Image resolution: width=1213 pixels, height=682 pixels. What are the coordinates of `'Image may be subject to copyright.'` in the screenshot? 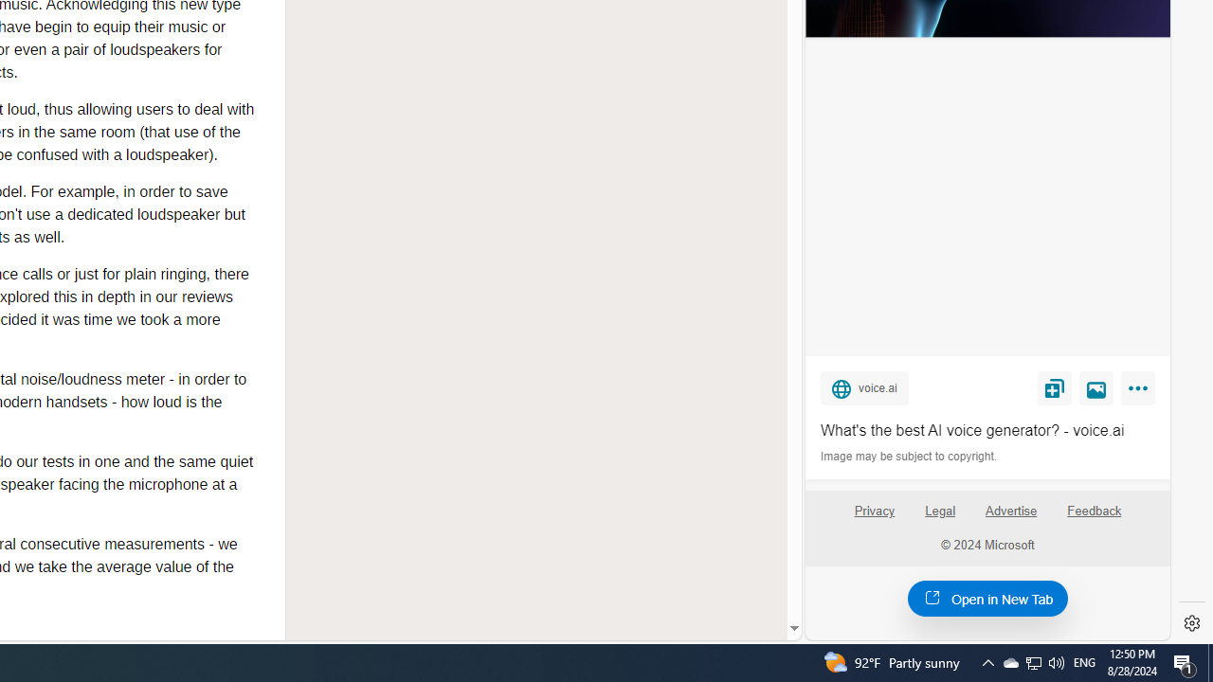 It's located at (910, 457).